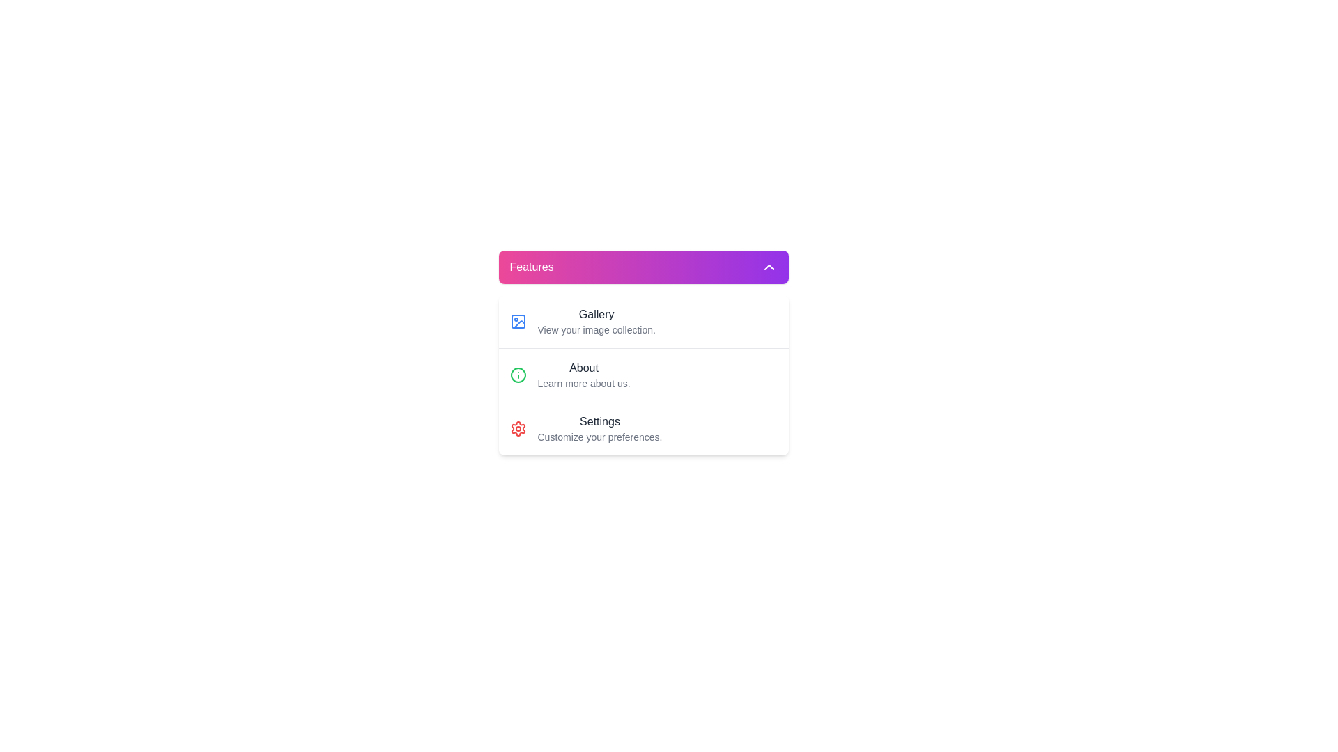 This screenshot has height=752, width=1338. What do you see at coordinates (597, 330) in the screenshot?
I see `the text label that contains the phrase 'View your image collection.', which is styled with a small font size and gray color, positioned below the 'Gallery' title` at bounding box center [597, 330].